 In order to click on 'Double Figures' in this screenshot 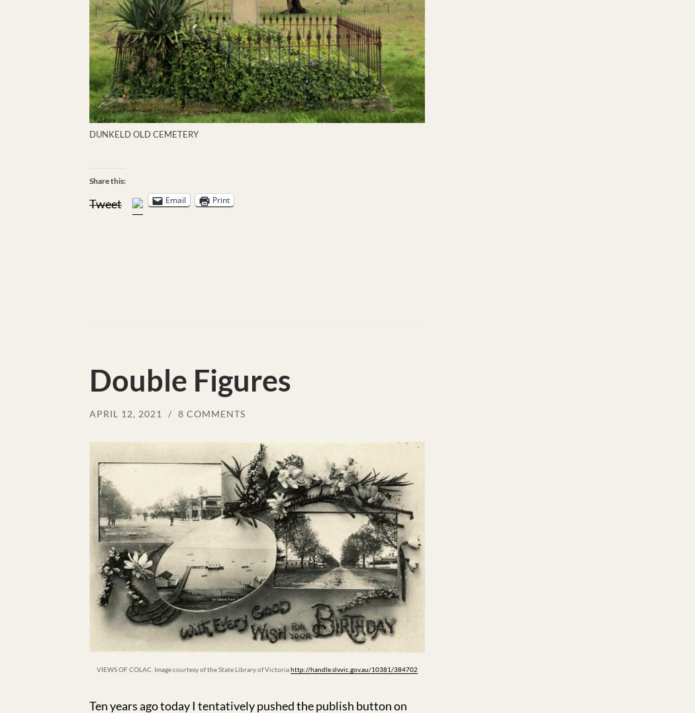, I will do `click(189, 380)`.